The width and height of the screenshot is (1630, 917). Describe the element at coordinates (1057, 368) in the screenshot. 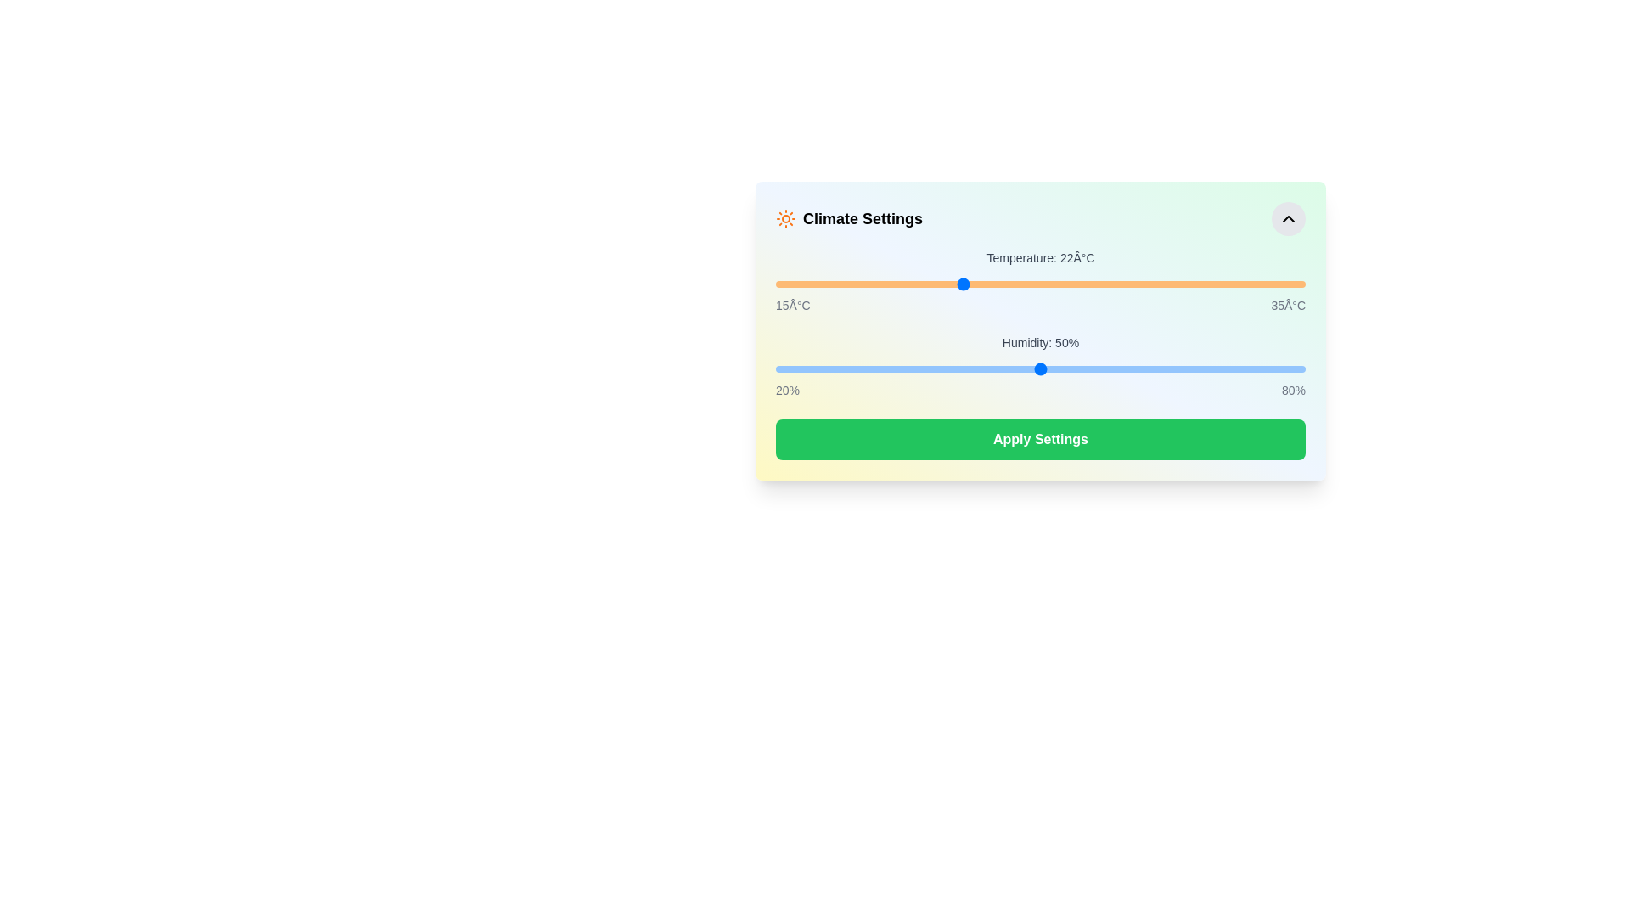

I see `humidity` at that location.